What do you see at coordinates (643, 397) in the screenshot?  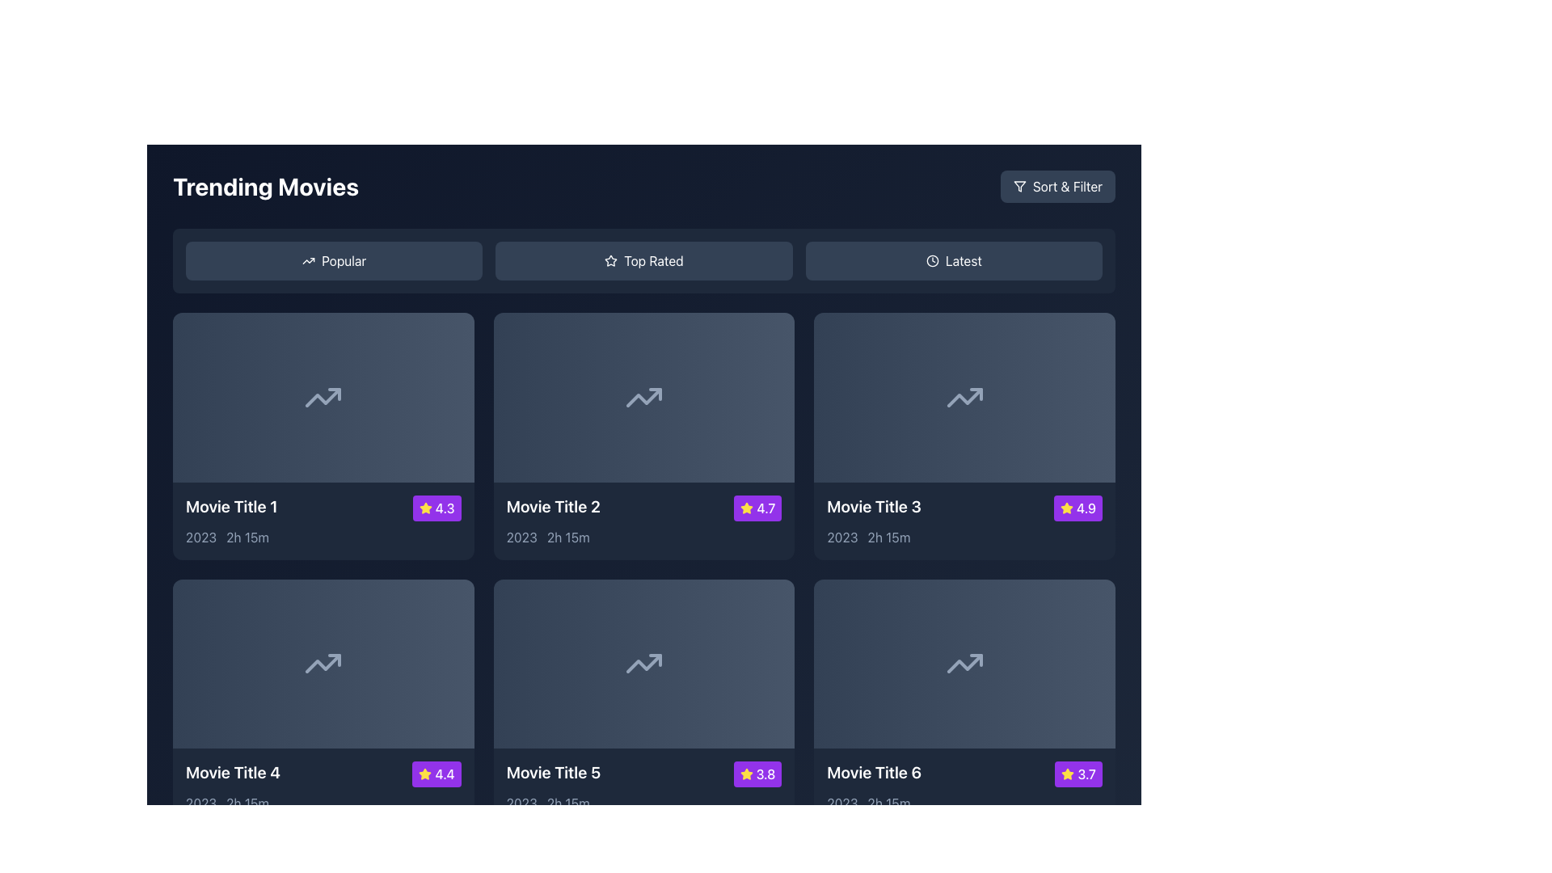 I see `the upward trending arrow icon located in the second box from the left under the 'Trending Movies' section, labeled 'Movie Title 2'` at bounding box center [643, 397].